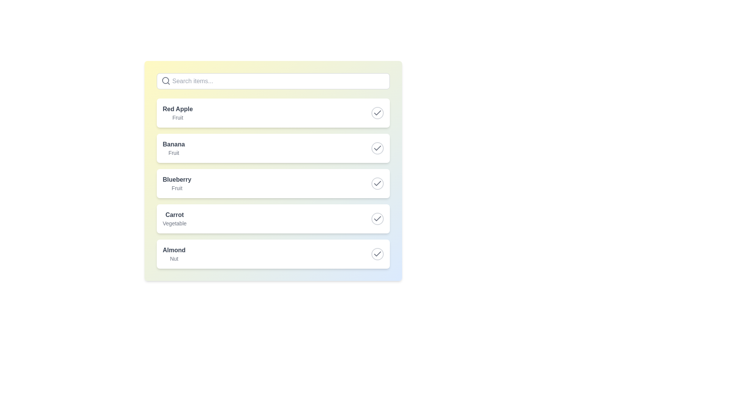 The height and width of the screenshot is (414, 736). What do you see at coordinates (176, 183) in the screenshot?
I see `the text label displaying 'Blueberry' in bold dark gray and 'Fruit' in smaller light gray, located in the third row of a vertically stacked list` at bounding box center [176, 183].